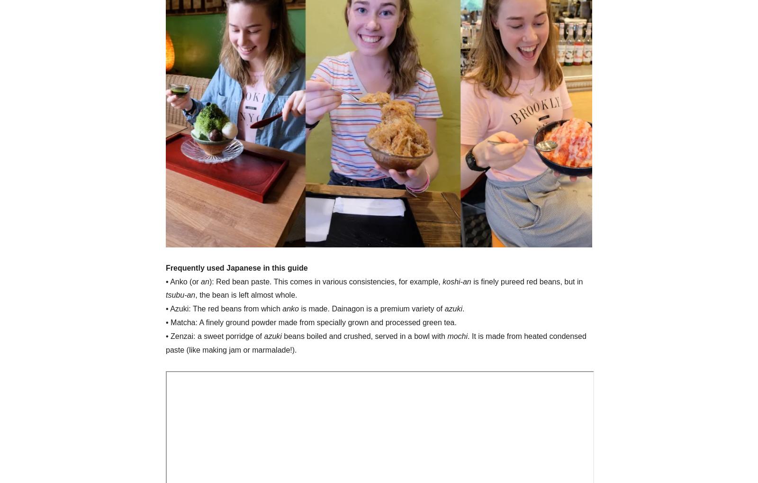  Describe the element at coordinates (527, 281) in the screenshot. I see `'is finely pureed red beans, but in'` at that location.